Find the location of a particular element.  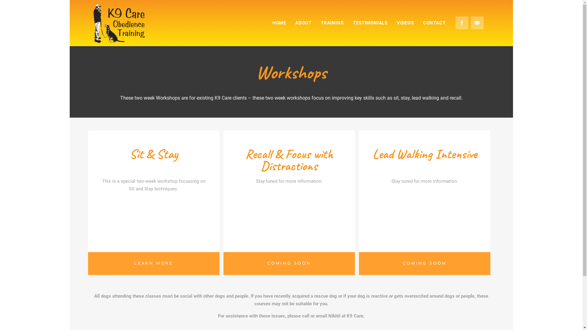

'CONTACT' is located at coordinates (418, 22).